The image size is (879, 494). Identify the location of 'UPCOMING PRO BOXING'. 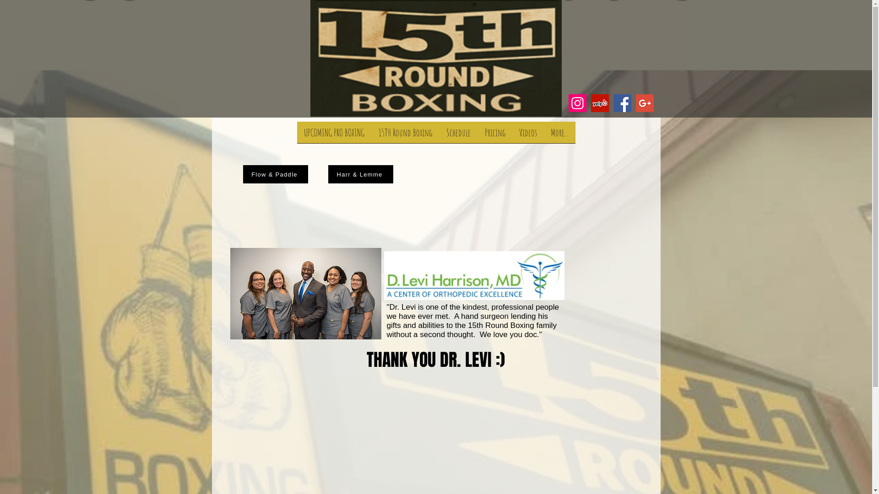
(333, 135).